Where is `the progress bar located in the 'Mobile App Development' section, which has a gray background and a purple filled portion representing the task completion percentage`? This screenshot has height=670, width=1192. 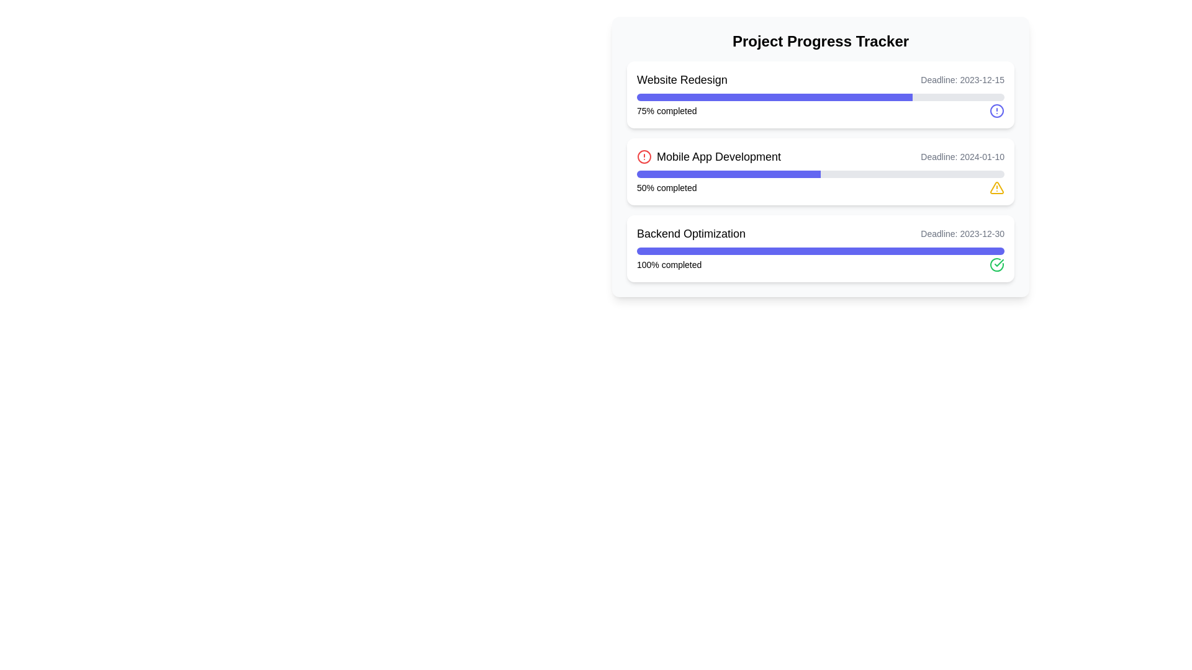
the progress bar located in the 'Mobile App Development' section, which has a gray background and a purple filled portion representing the task completion percentage is located at coordinates (820, 174).